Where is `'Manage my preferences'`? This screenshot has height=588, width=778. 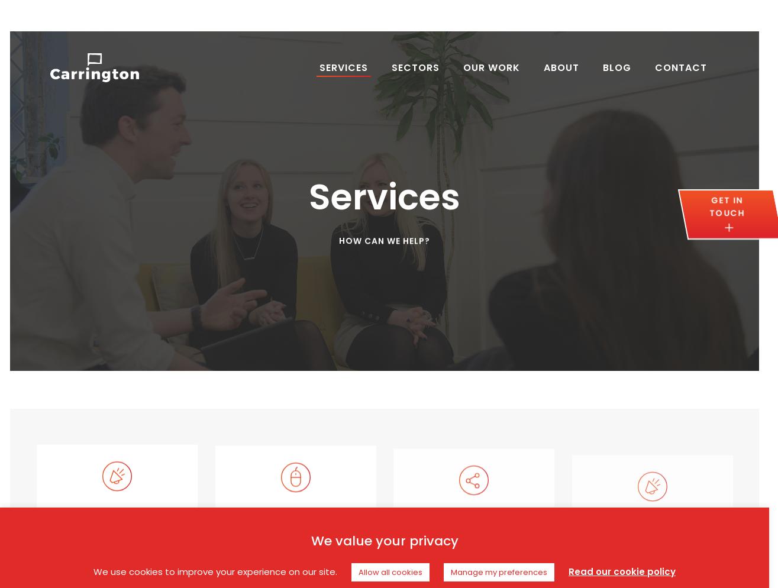
'Manage my preferences' is located at coordinates (498, 571).